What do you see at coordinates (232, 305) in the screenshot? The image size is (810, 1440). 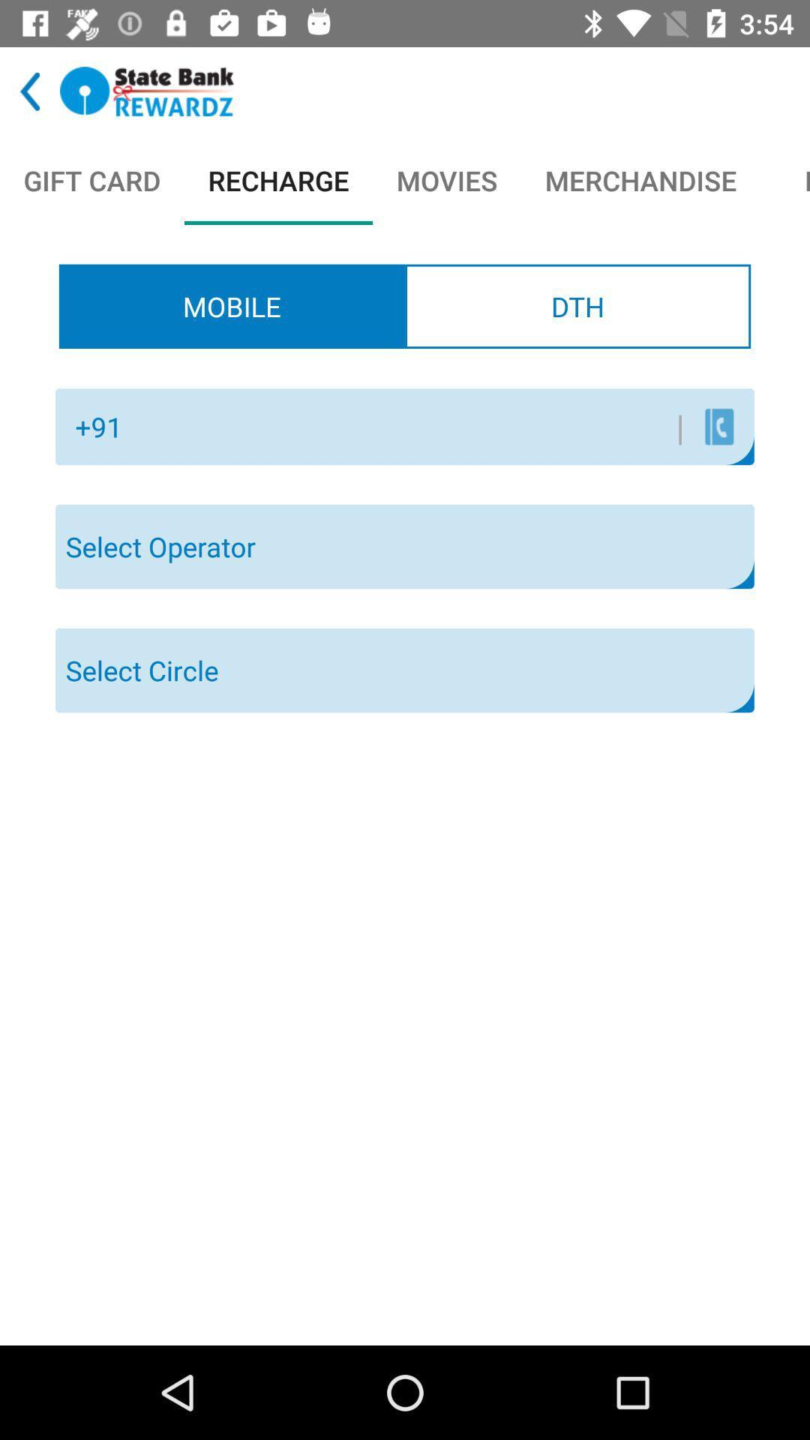 I see `icon next to dth item` at bounding box center [232, 305].